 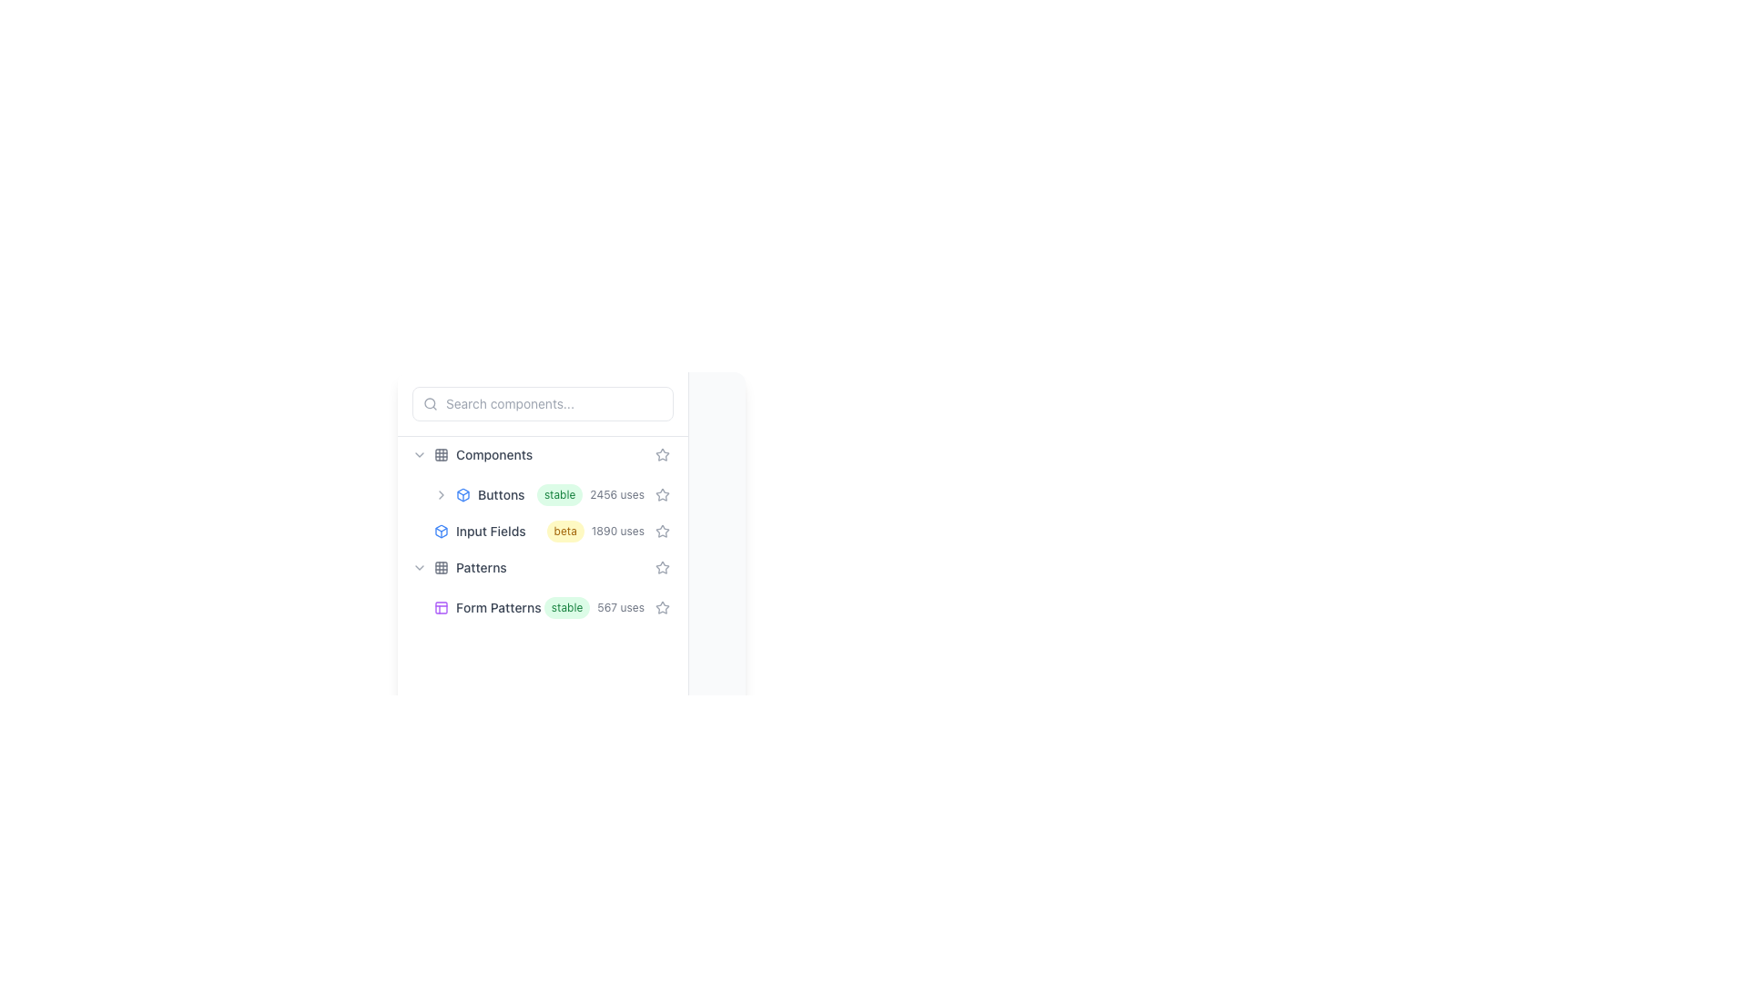 I want to click on the 'Form Patterns' text label located, so click(x=498, y=607).